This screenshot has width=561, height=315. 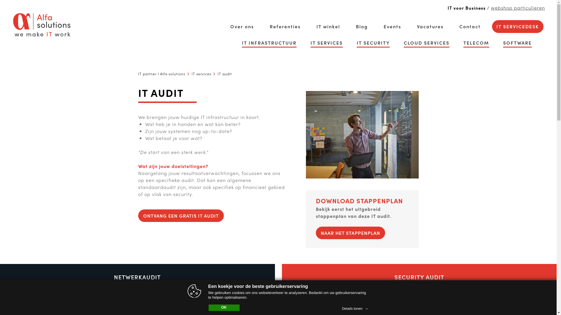 I want to click on 'IT audit', so click(x=224, y=73).